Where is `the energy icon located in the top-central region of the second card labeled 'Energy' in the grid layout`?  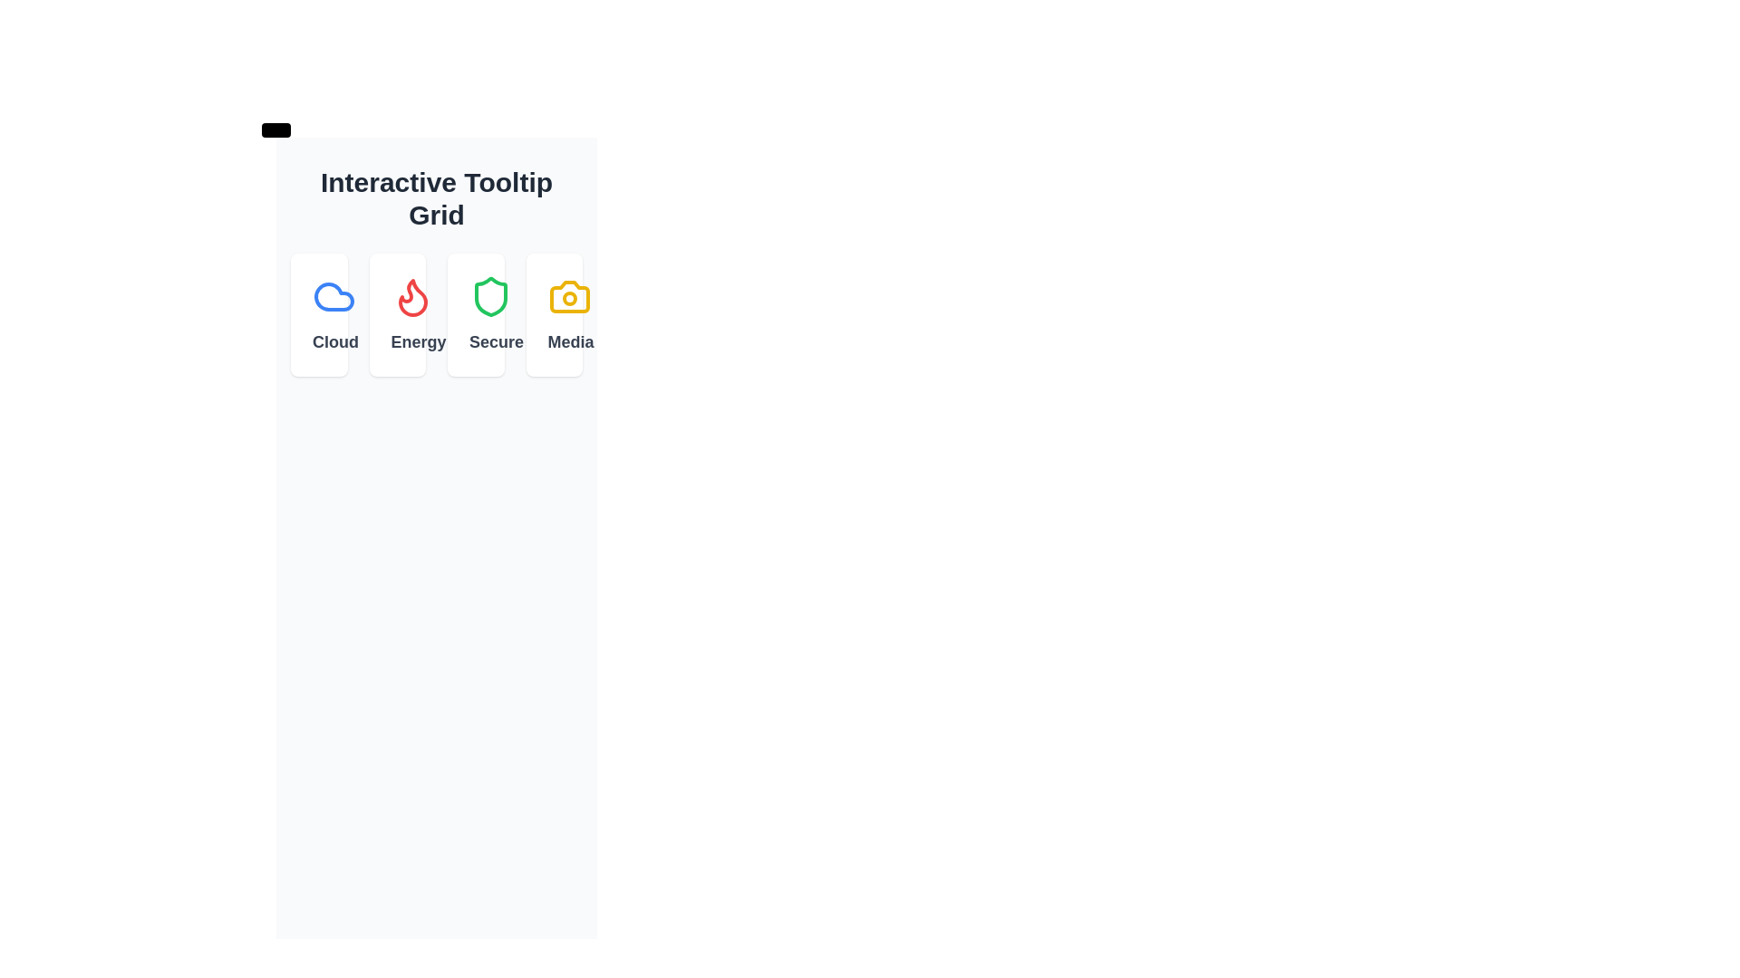
the energy icon located in the top-central region of the second card labeled 'Energy' in the grid layout is located at coordinates (411, 296).